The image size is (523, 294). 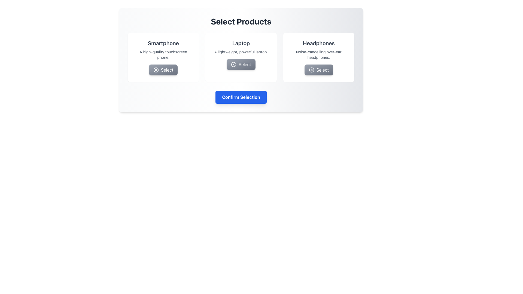 I want to click on properties of the grey filled circle that represents the close button within the 'Select' label in the middle option under the 'Laptop' selection, so click(x=234, y=64).